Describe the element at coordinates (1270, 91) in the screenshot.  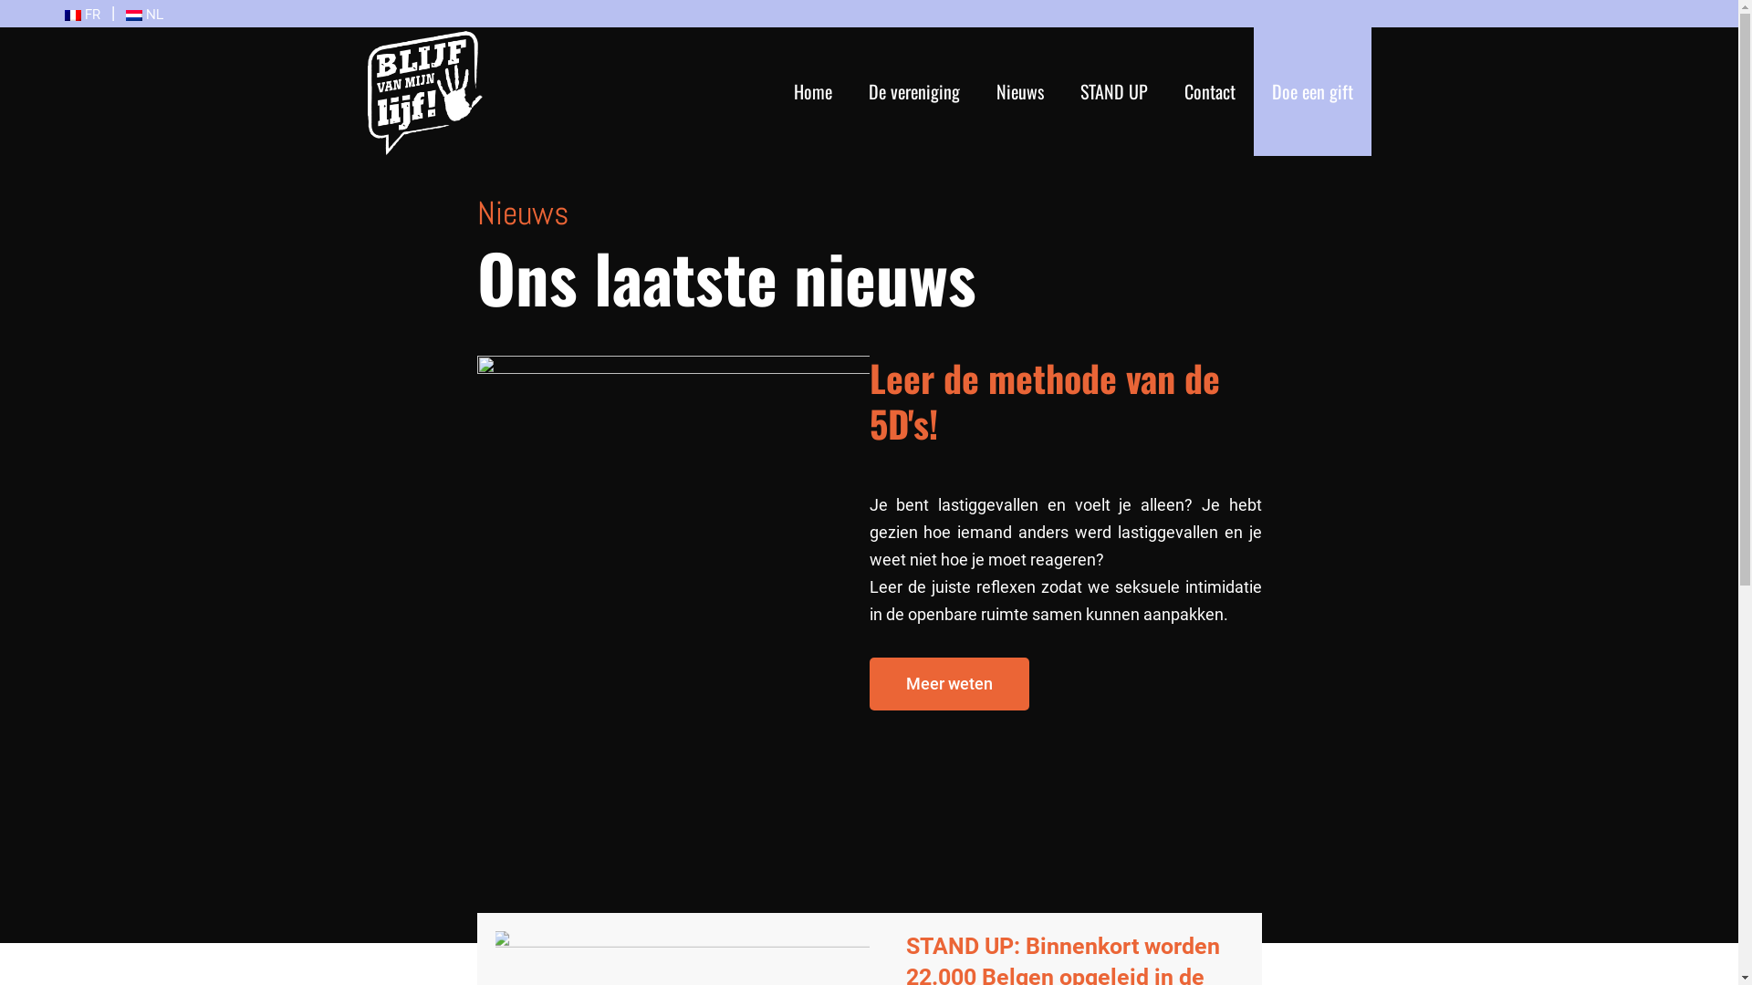
I see `'Doe een gift'` at that location.